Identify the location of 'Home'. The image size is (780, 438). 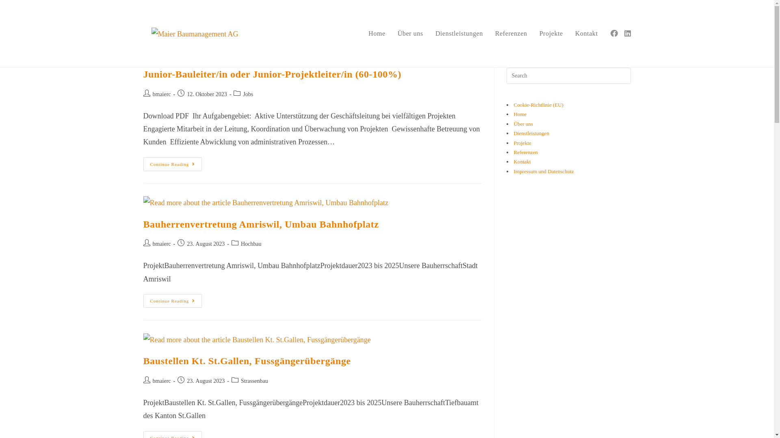
(520, 114).